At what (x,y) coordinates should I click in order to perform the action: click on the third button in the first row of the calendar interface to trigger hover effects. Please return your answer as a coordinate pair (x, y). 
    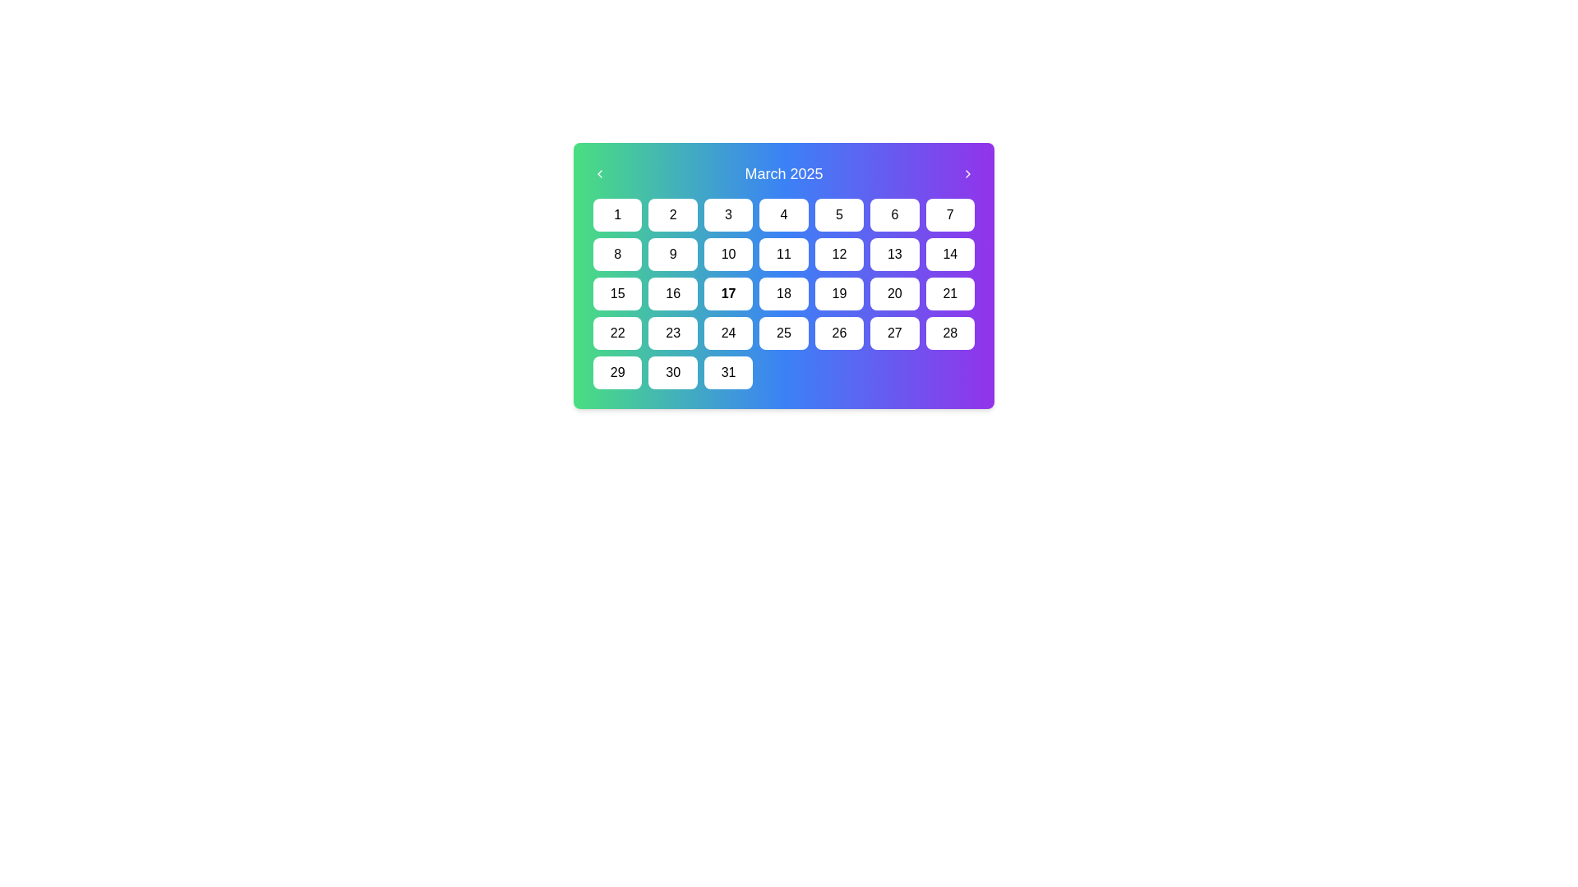
    Looking at the image, I should click on (727, 214).